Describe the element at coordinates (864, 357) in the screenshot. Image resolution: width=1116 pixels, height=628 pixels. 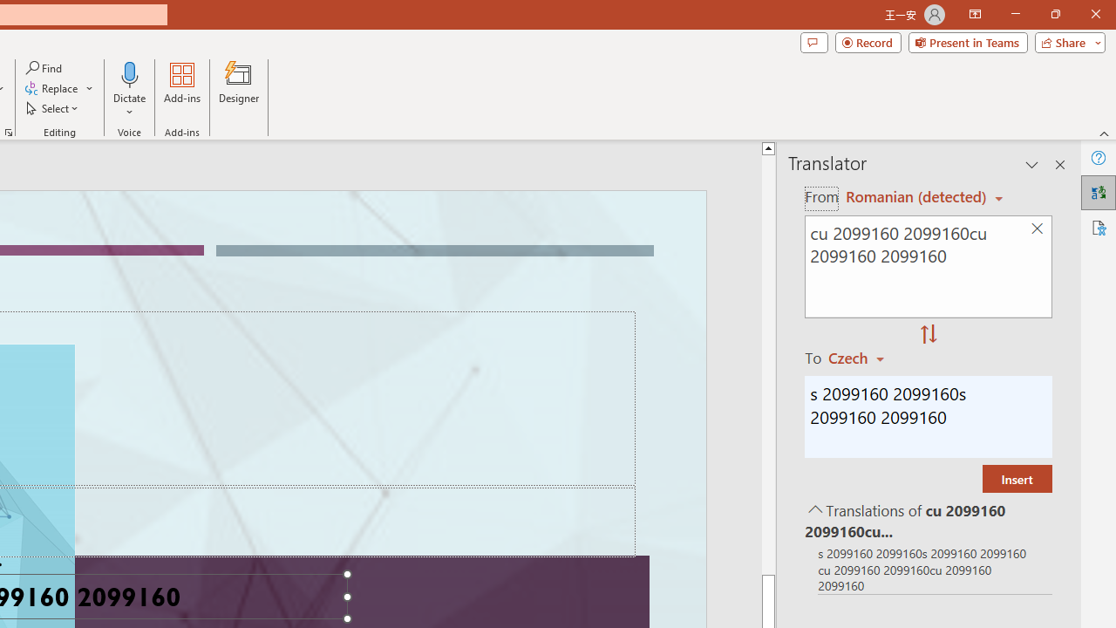
I see `'Czech'` at that location.